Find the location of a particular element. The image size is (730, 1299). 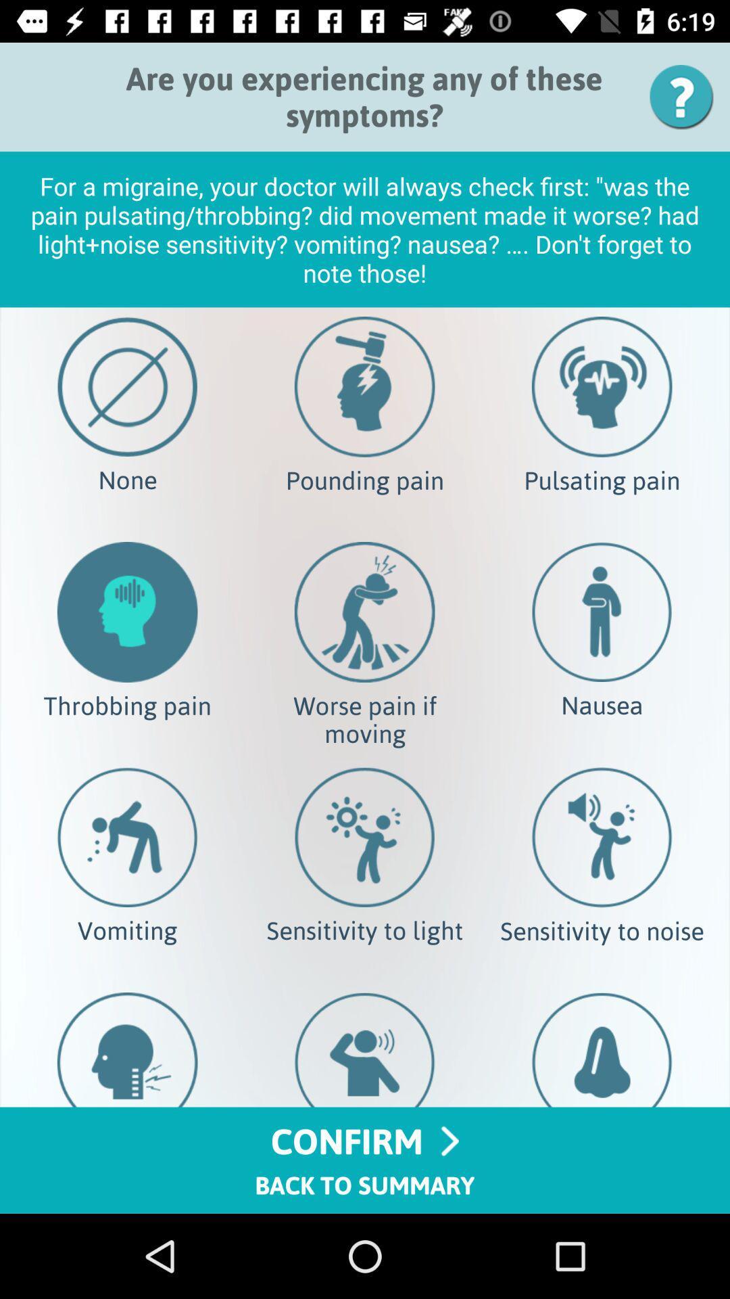

the help icon is located at coordinates (686, 96).